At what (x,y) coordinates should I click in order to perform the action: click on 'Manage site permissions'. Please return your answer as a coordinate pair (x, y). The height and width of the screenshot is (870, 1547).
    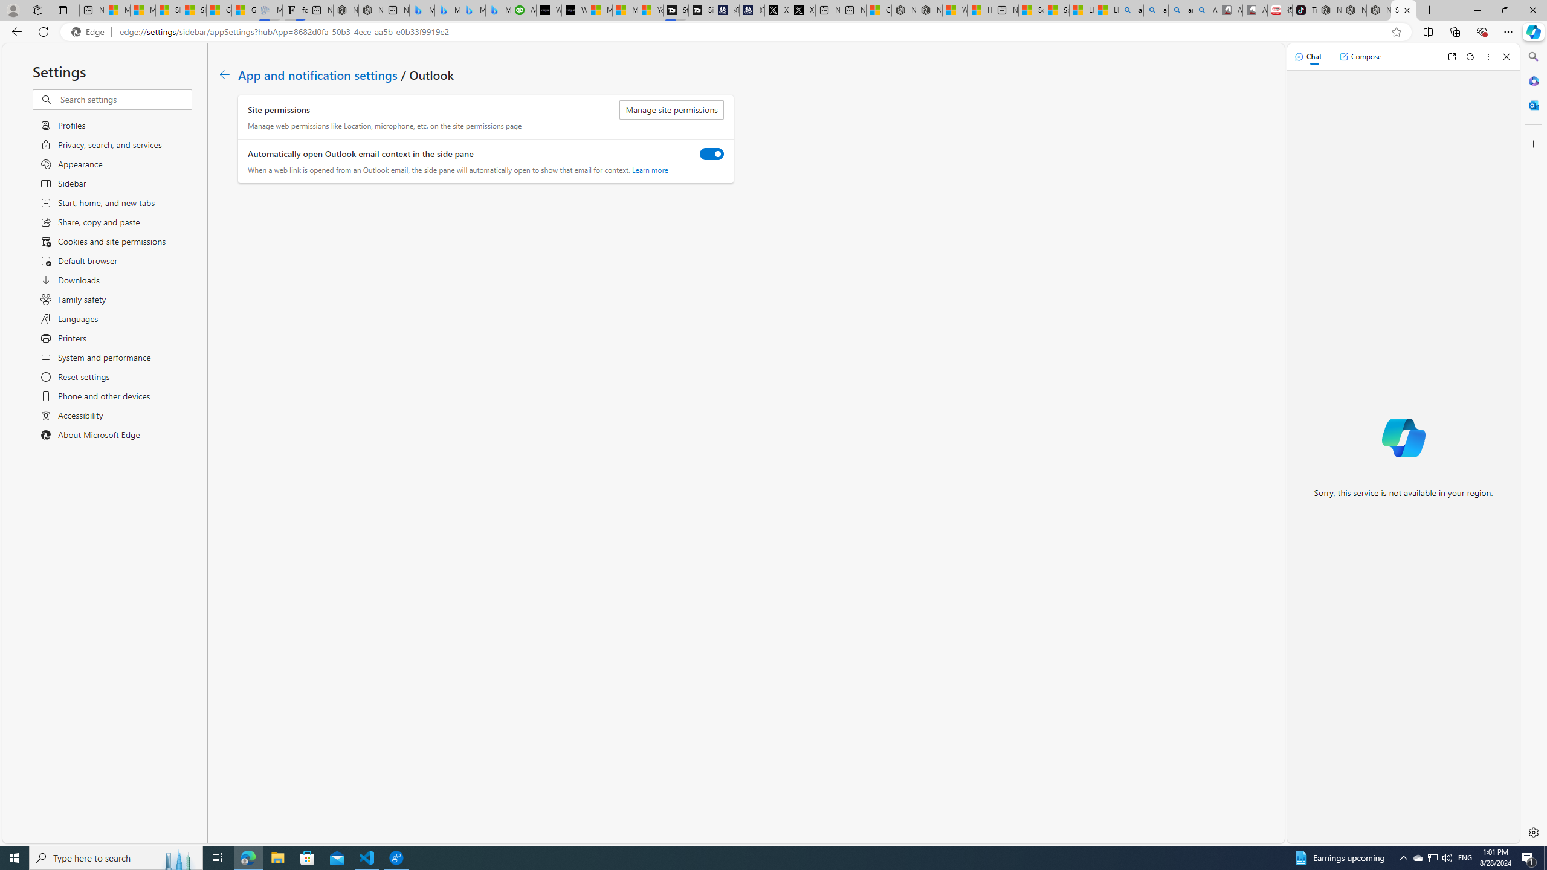
    Looking at the image, I should click on (671, 109).